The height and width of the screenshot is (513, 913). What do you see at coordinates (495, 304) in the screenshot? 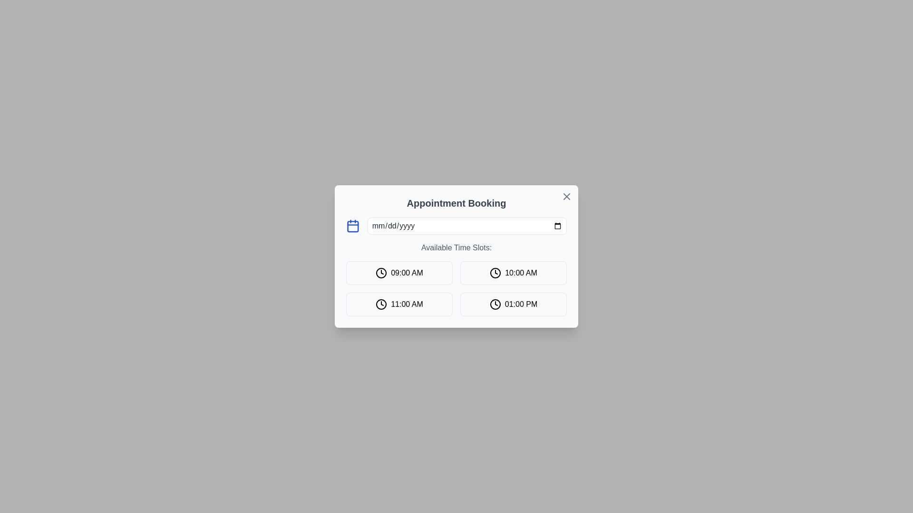
I see `the circular clock icon located next to the '01:00 PM' time slot in the bottom-right quadrant of the 'Appointment Booking' dialog box` at bounding box center [495, 304].